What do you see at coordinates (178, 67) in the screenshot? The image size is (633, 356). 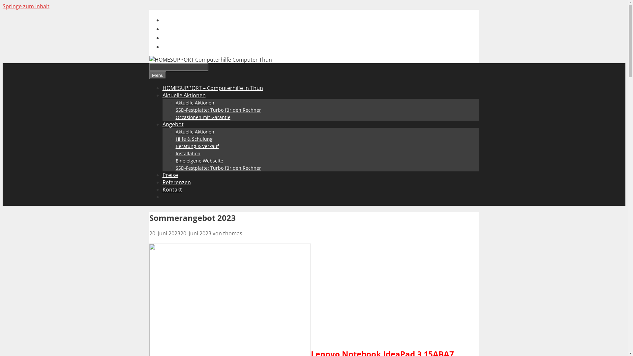 I see `'Suchen'` at bounding box center [178, 67].